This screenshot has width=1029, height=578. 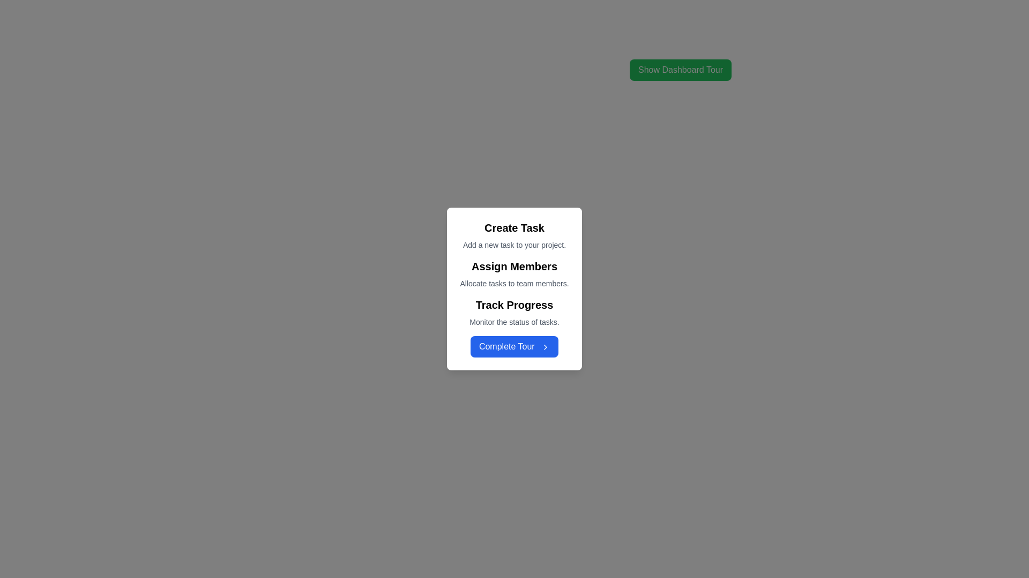 What do you see at coordinates (514, 273) in the screenshot?
I see `the Text Label that provides information about assigning members to tasks, located in the middle of a vertically stacked layout within a square white card, positioned between 'Create Task' and 'Track Progress'` at bounding box center [514, 273].